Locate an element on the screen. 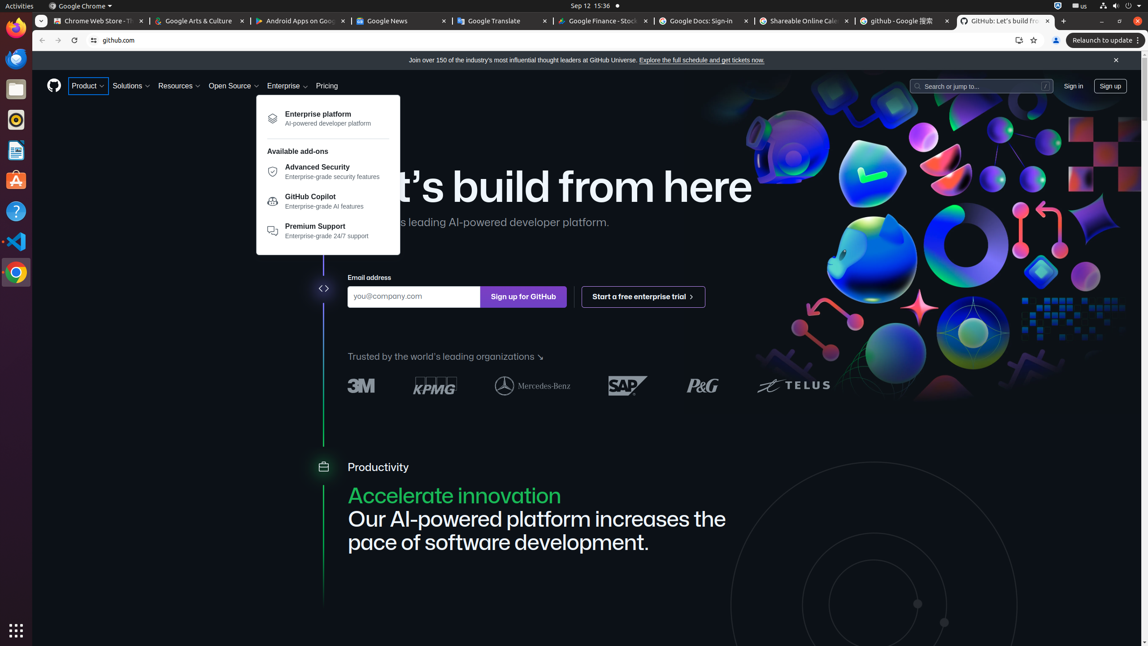  'You' is located at coordinates (1055, 40).